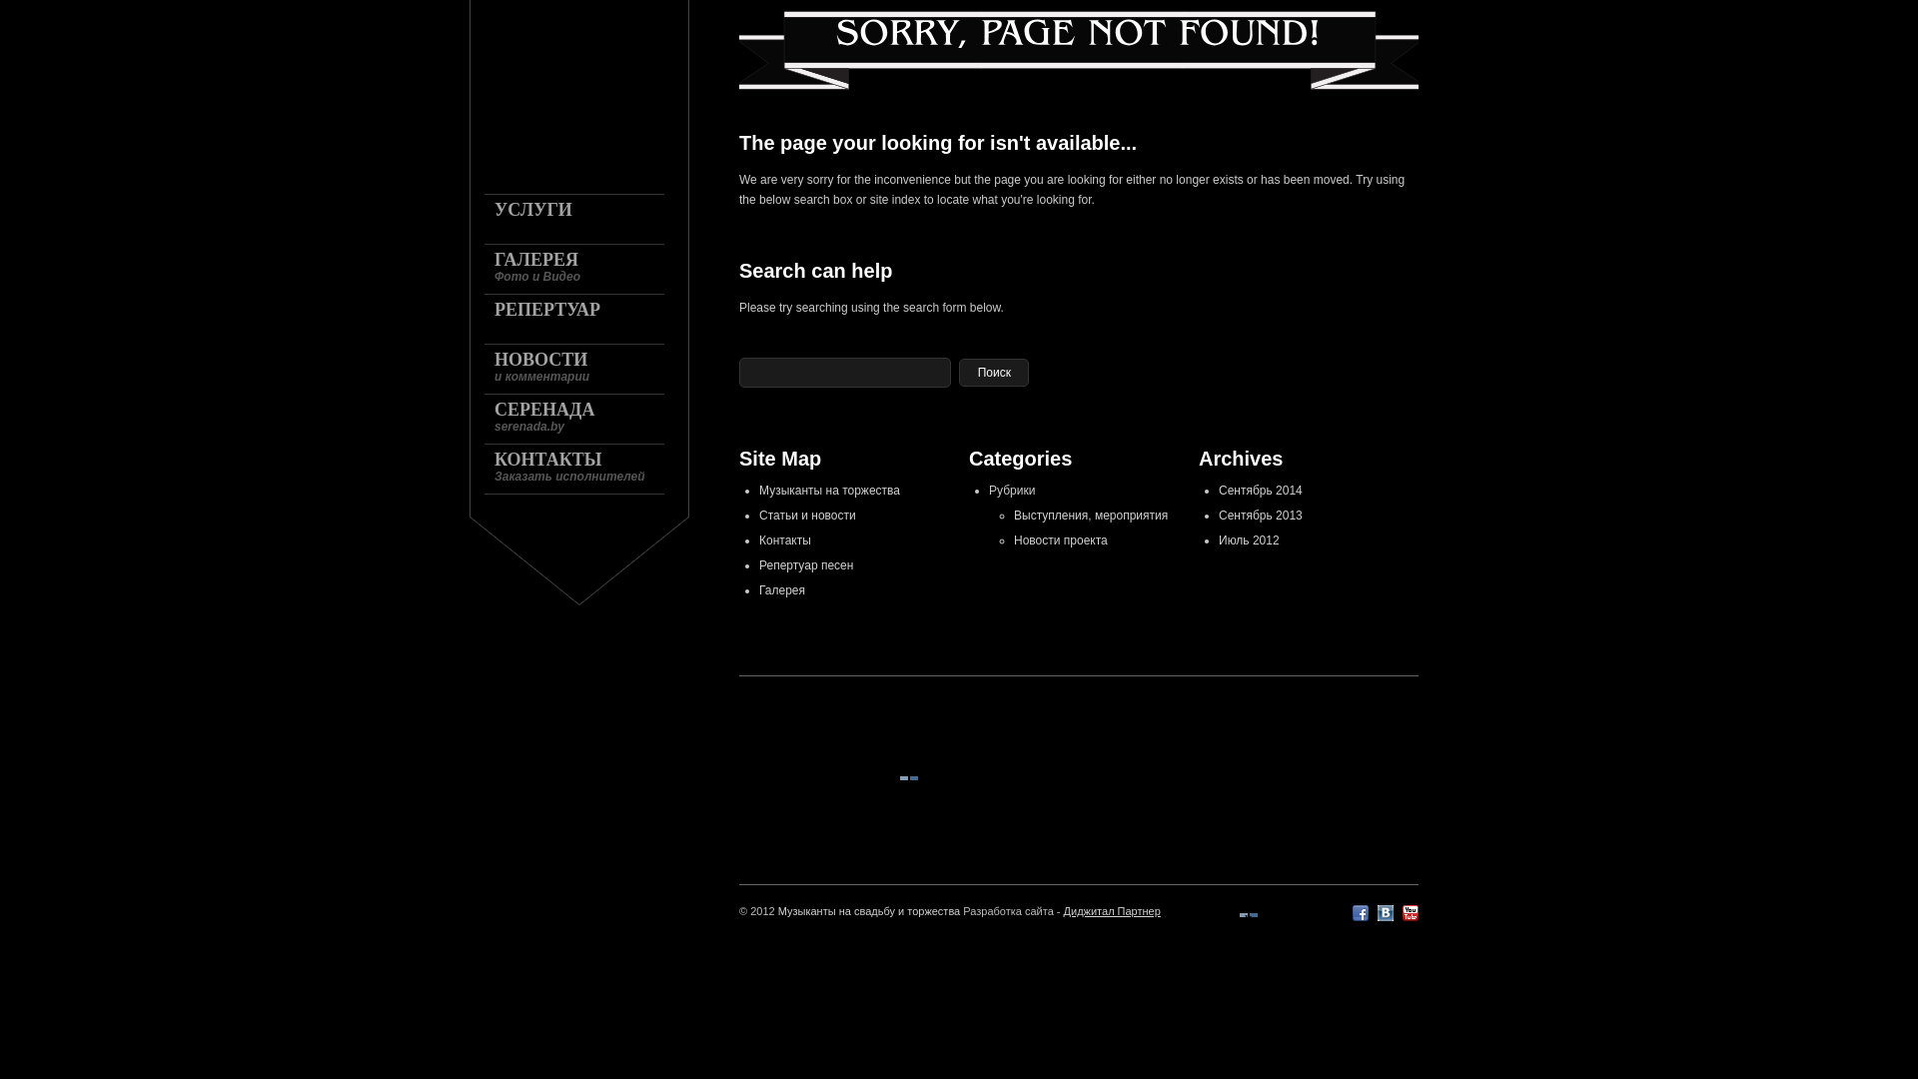 This screenshot has width=1918, height=1079. I want to click on 'YouTube', so click(1409, 913).